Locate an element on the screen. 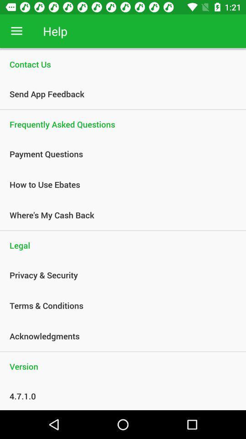  the app to the left of help icon is located at coordinates (16, 31).